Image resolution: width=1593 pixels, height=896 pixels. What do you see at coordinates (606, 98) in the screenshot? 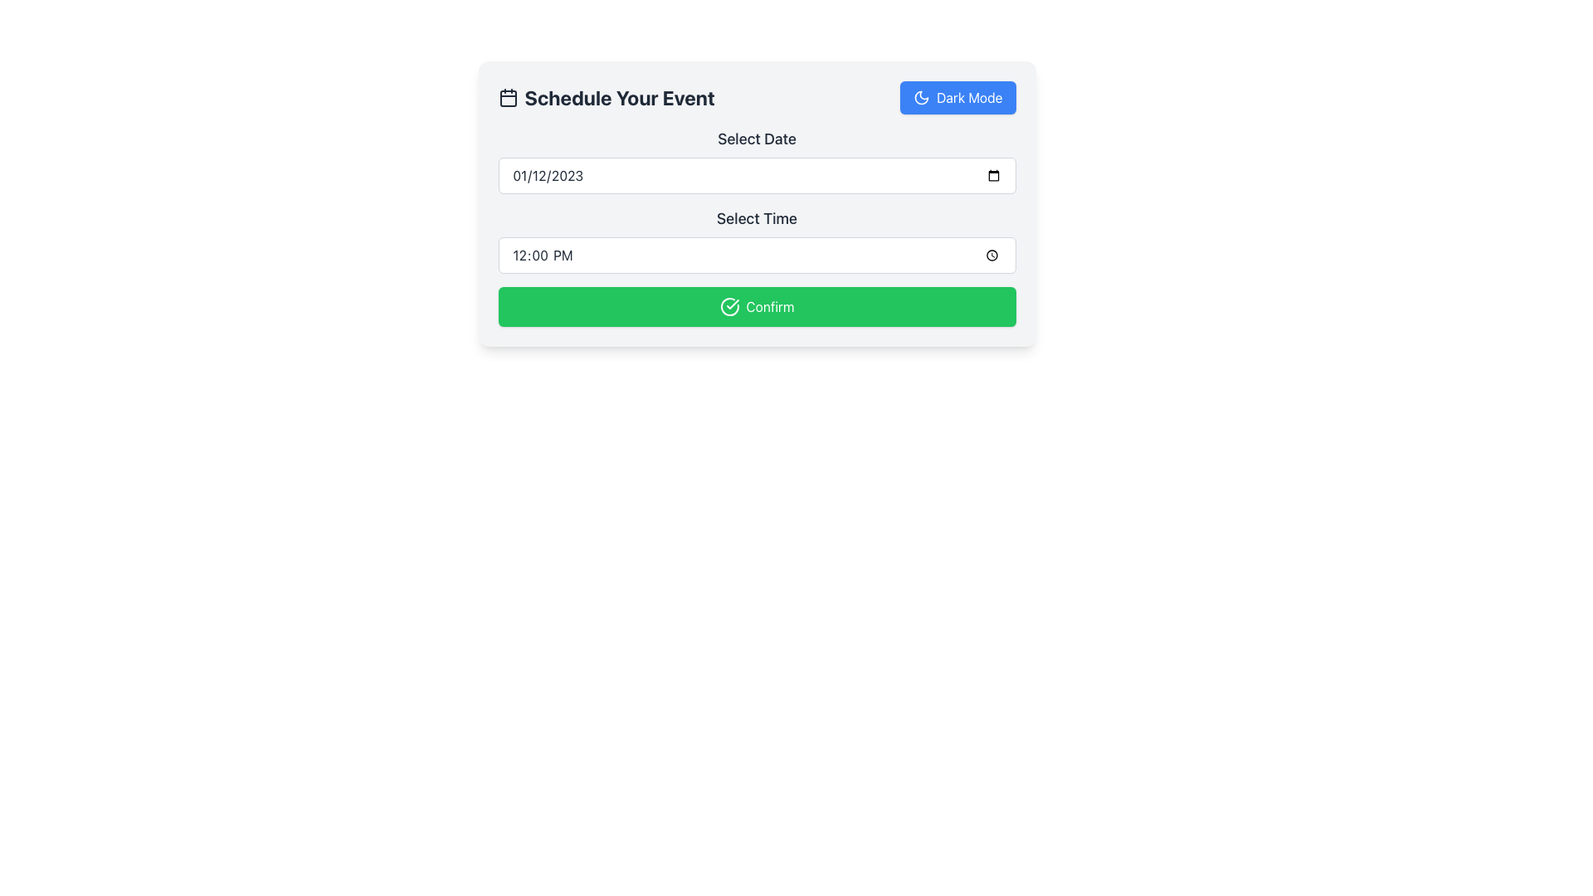
I see `the heading with icon that indicates the scheduling feature, located in the header section directly to the left of the 'Dark Mode' button` at bounding box center [606, 98].